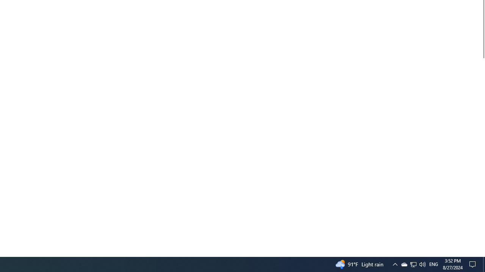 The image size is (485, 272). I want to click on 'Show desktop', so click(482, 253).